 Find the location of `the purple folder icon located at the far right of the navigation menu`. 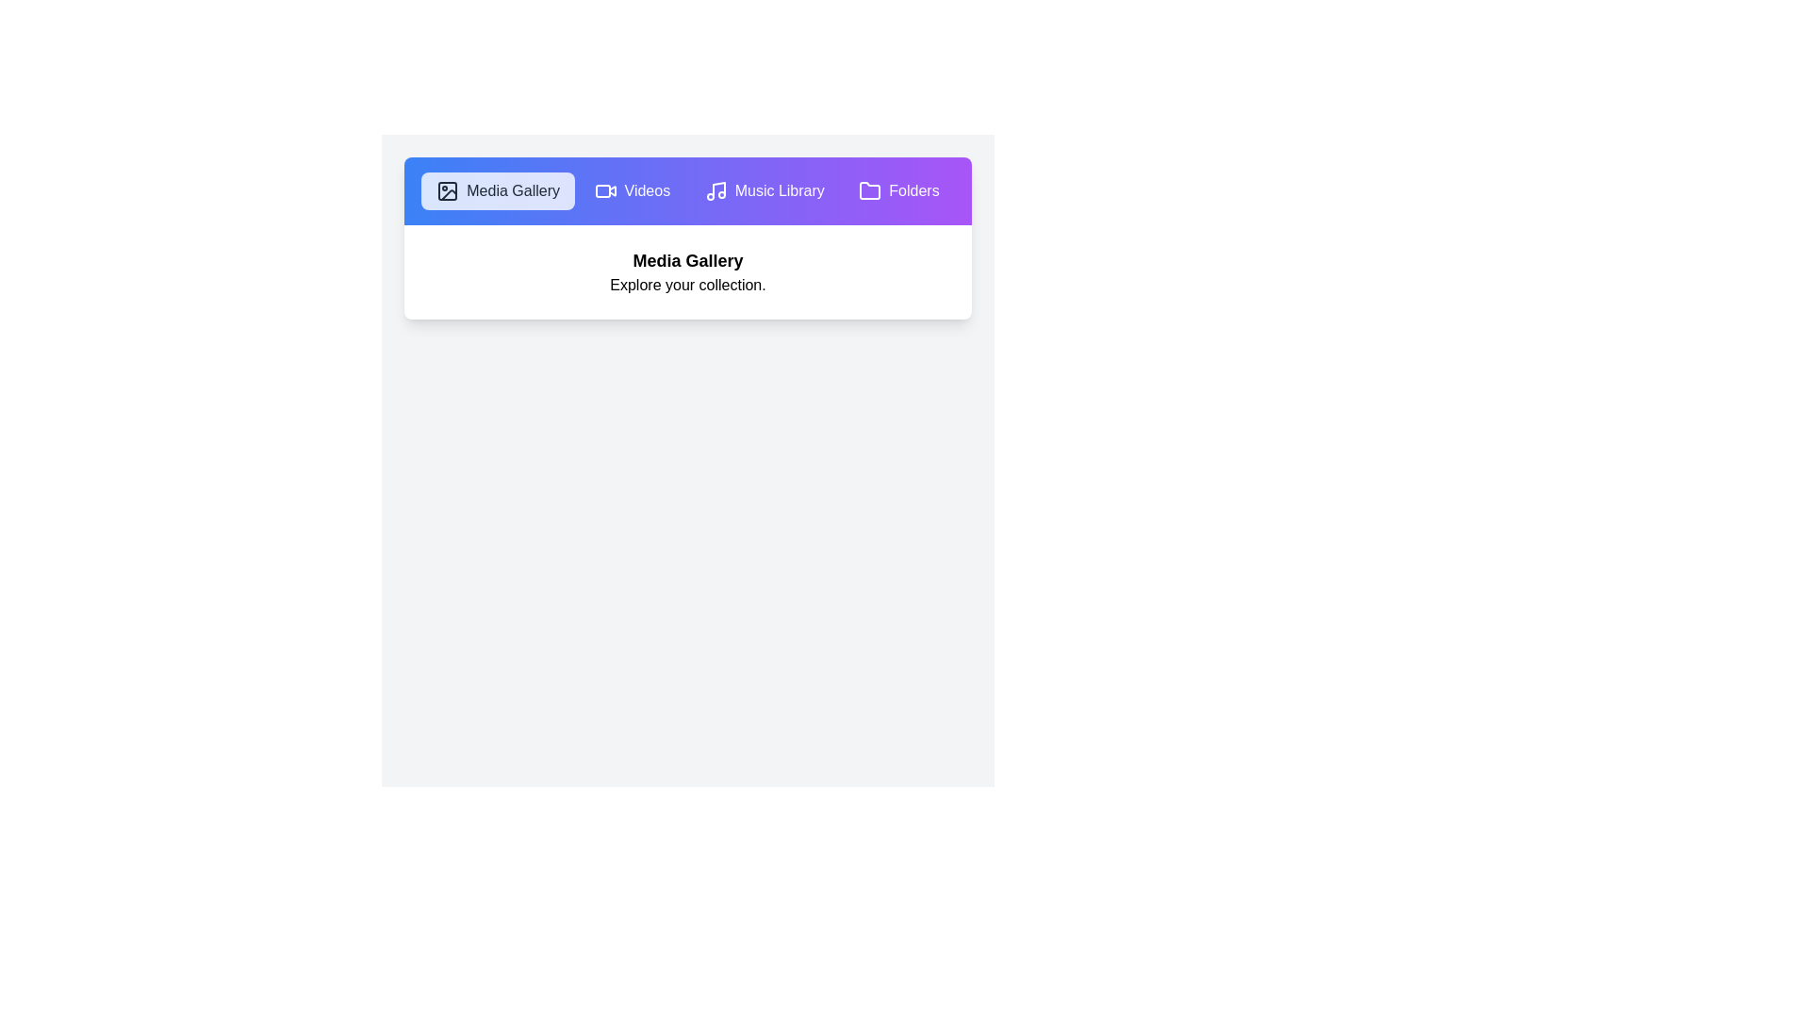

the purple folder icon located at the far right of the navigation menu is located at coordinates (869, 190).